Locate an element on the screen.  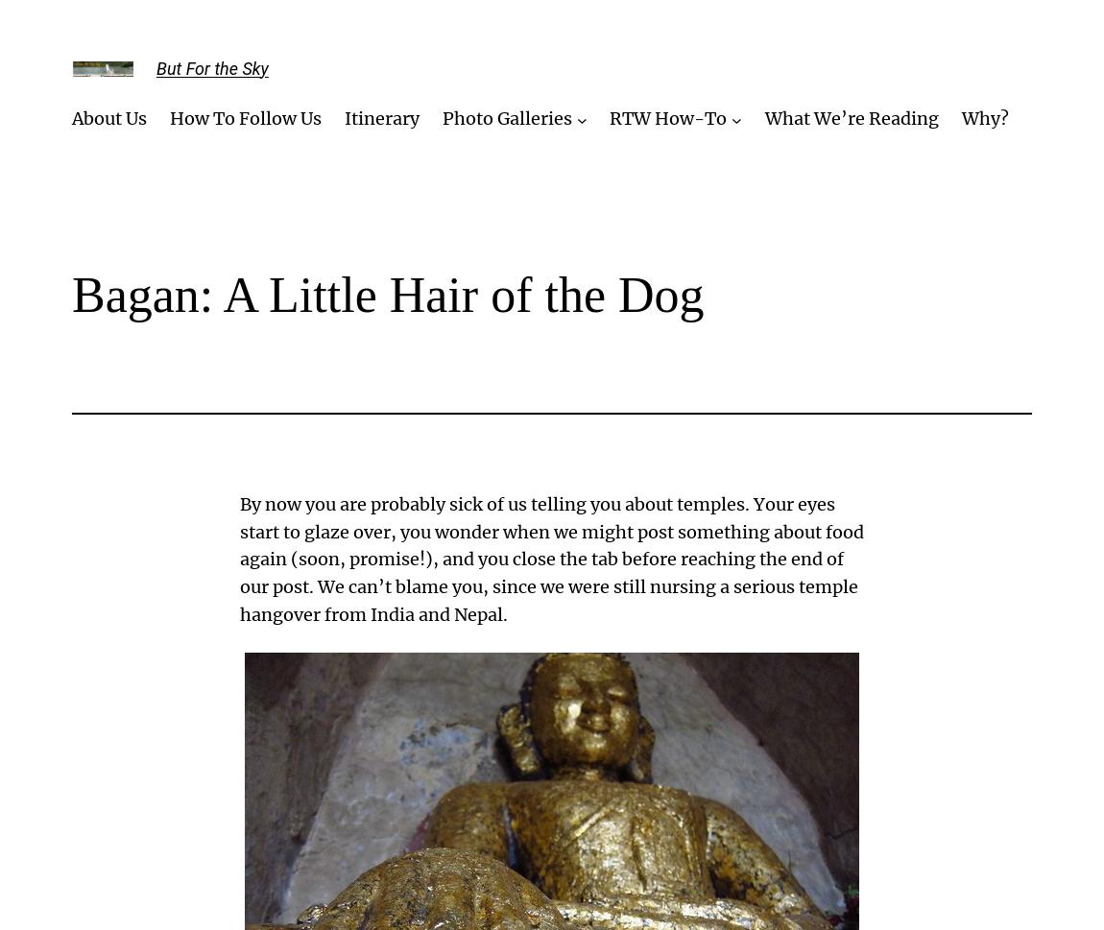
'About Us' is located at coordinates (108, 118).